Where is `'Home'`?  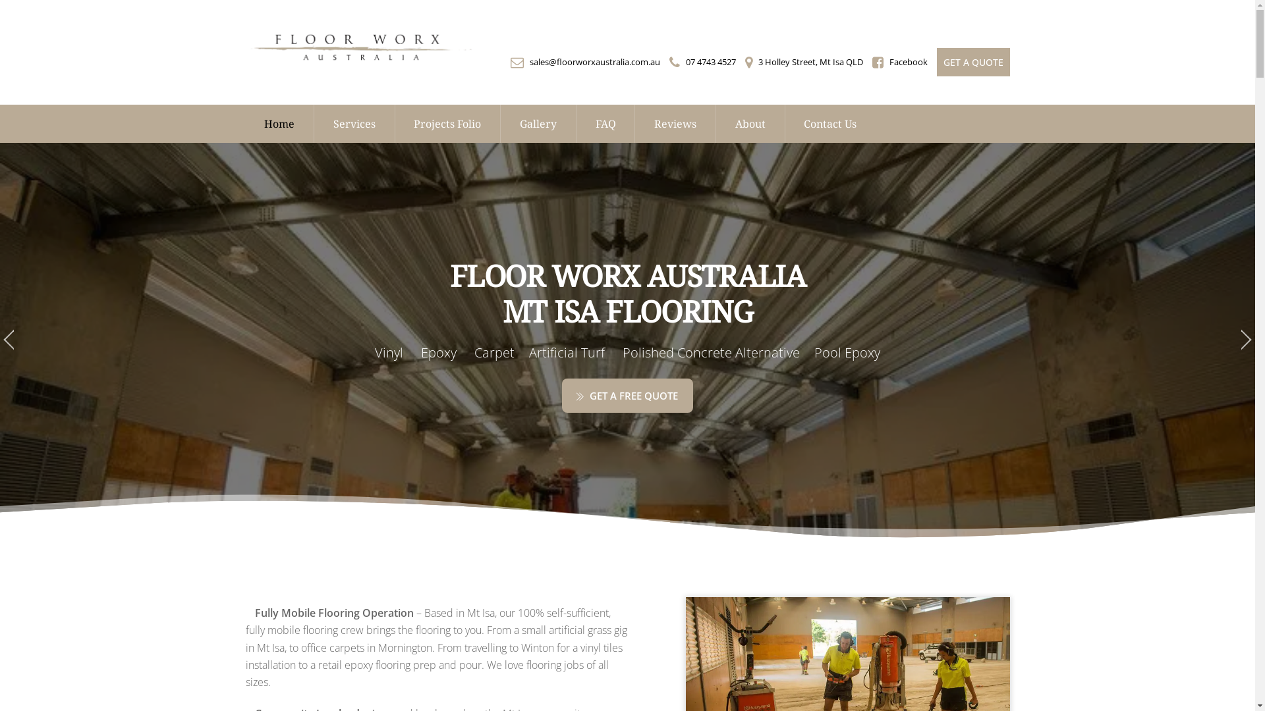 'Home' is located at coordinates (278, 124).